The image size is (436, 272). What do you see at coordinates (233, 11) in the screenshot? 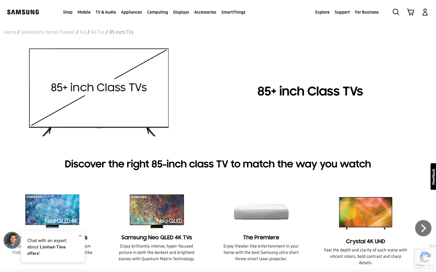
I see `and open the SmartThings menu from the header` at bounding box center [233, 11].